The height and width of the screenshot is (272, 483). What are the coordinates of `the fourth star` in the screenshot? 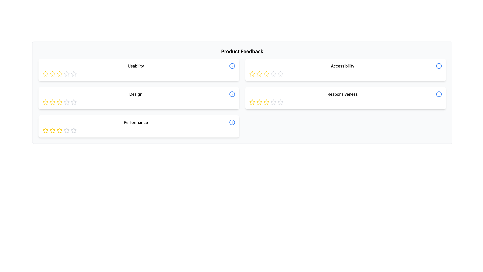 It's located at (273, 74).